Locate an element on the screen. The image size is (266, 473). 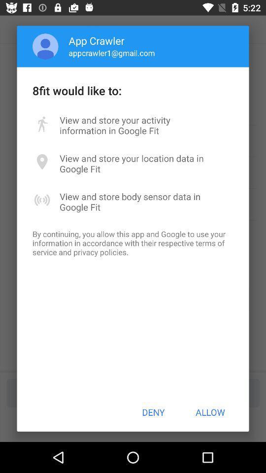
the app crawler icon is located at coordinates (97, 40).